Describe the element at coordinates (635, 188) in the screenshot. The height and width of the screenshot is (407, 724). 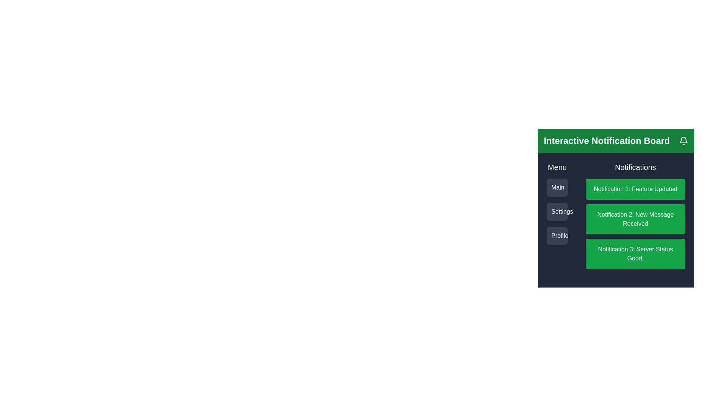
I see `the green rectangular Static information box labeled 'Notification 1: Feature Updated'` at that location.